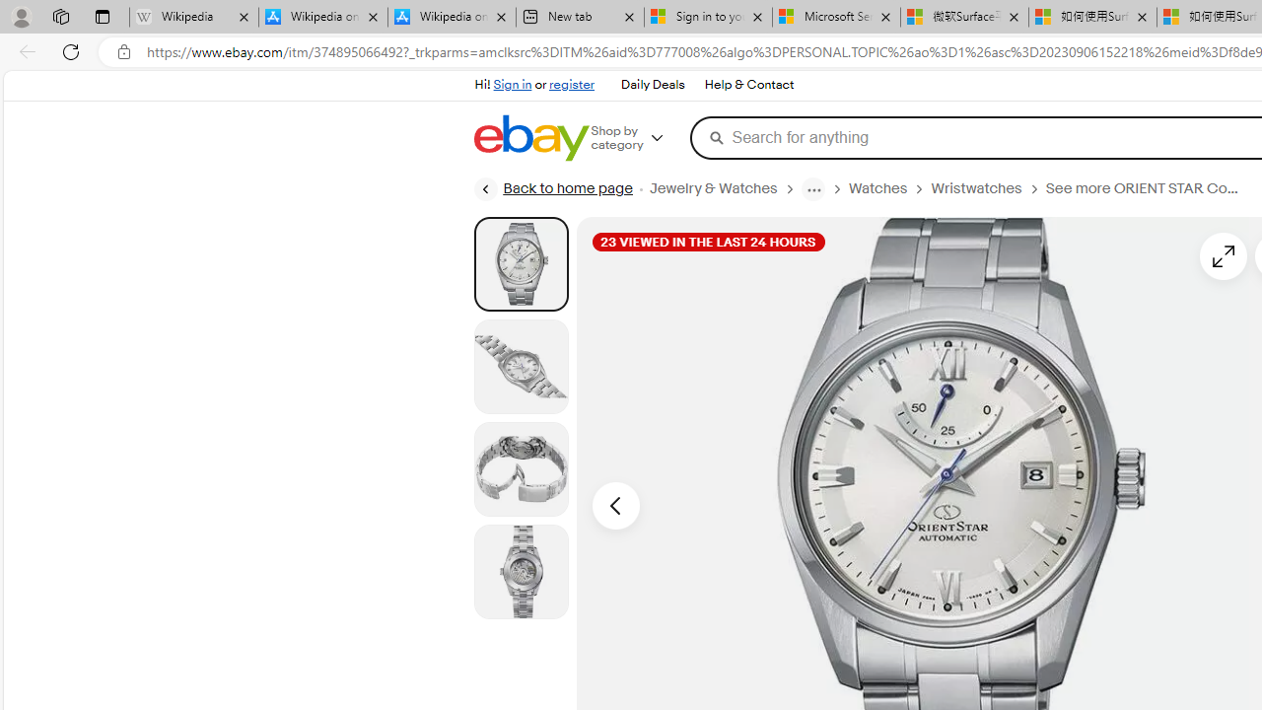 This screenshot has width=1262, height=710. I want to click on 'Watches', so click(888, 188).